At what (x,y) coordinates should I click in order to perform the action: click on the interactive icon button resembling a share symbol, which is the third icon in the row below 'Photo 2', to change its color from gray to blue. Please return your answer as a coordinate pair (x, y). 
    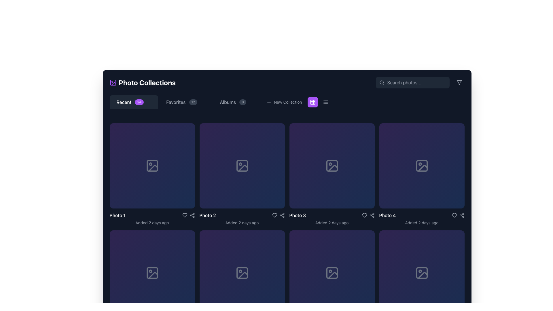
    Looking at the image, I should click on (192, 215).